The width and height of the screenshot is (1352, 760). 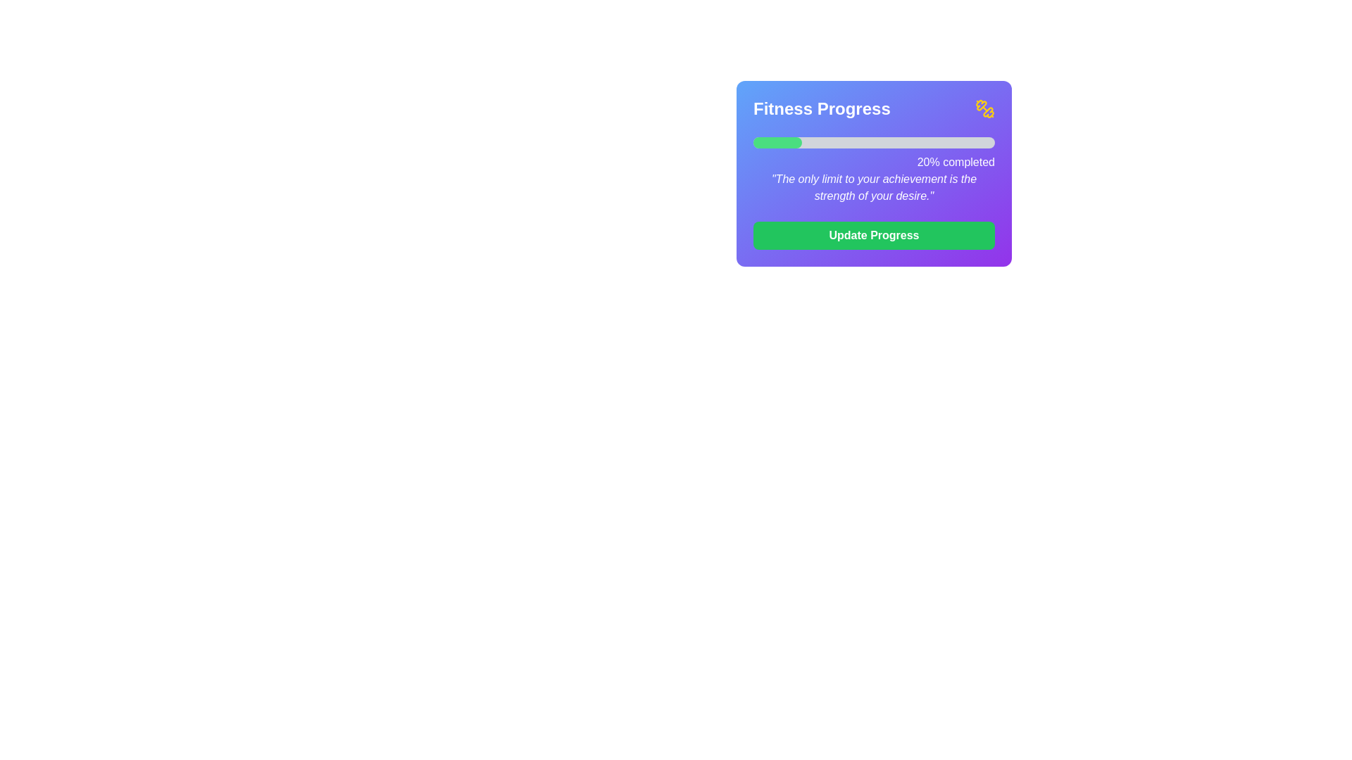 What do you see at coordinates (873, 143) in the screenshot?
I see `the progress bar located at the top-central part of the purple card section labeled 'Fitness Progress', which visually represents the completion level of the goal` at bounding box center [873, 143].